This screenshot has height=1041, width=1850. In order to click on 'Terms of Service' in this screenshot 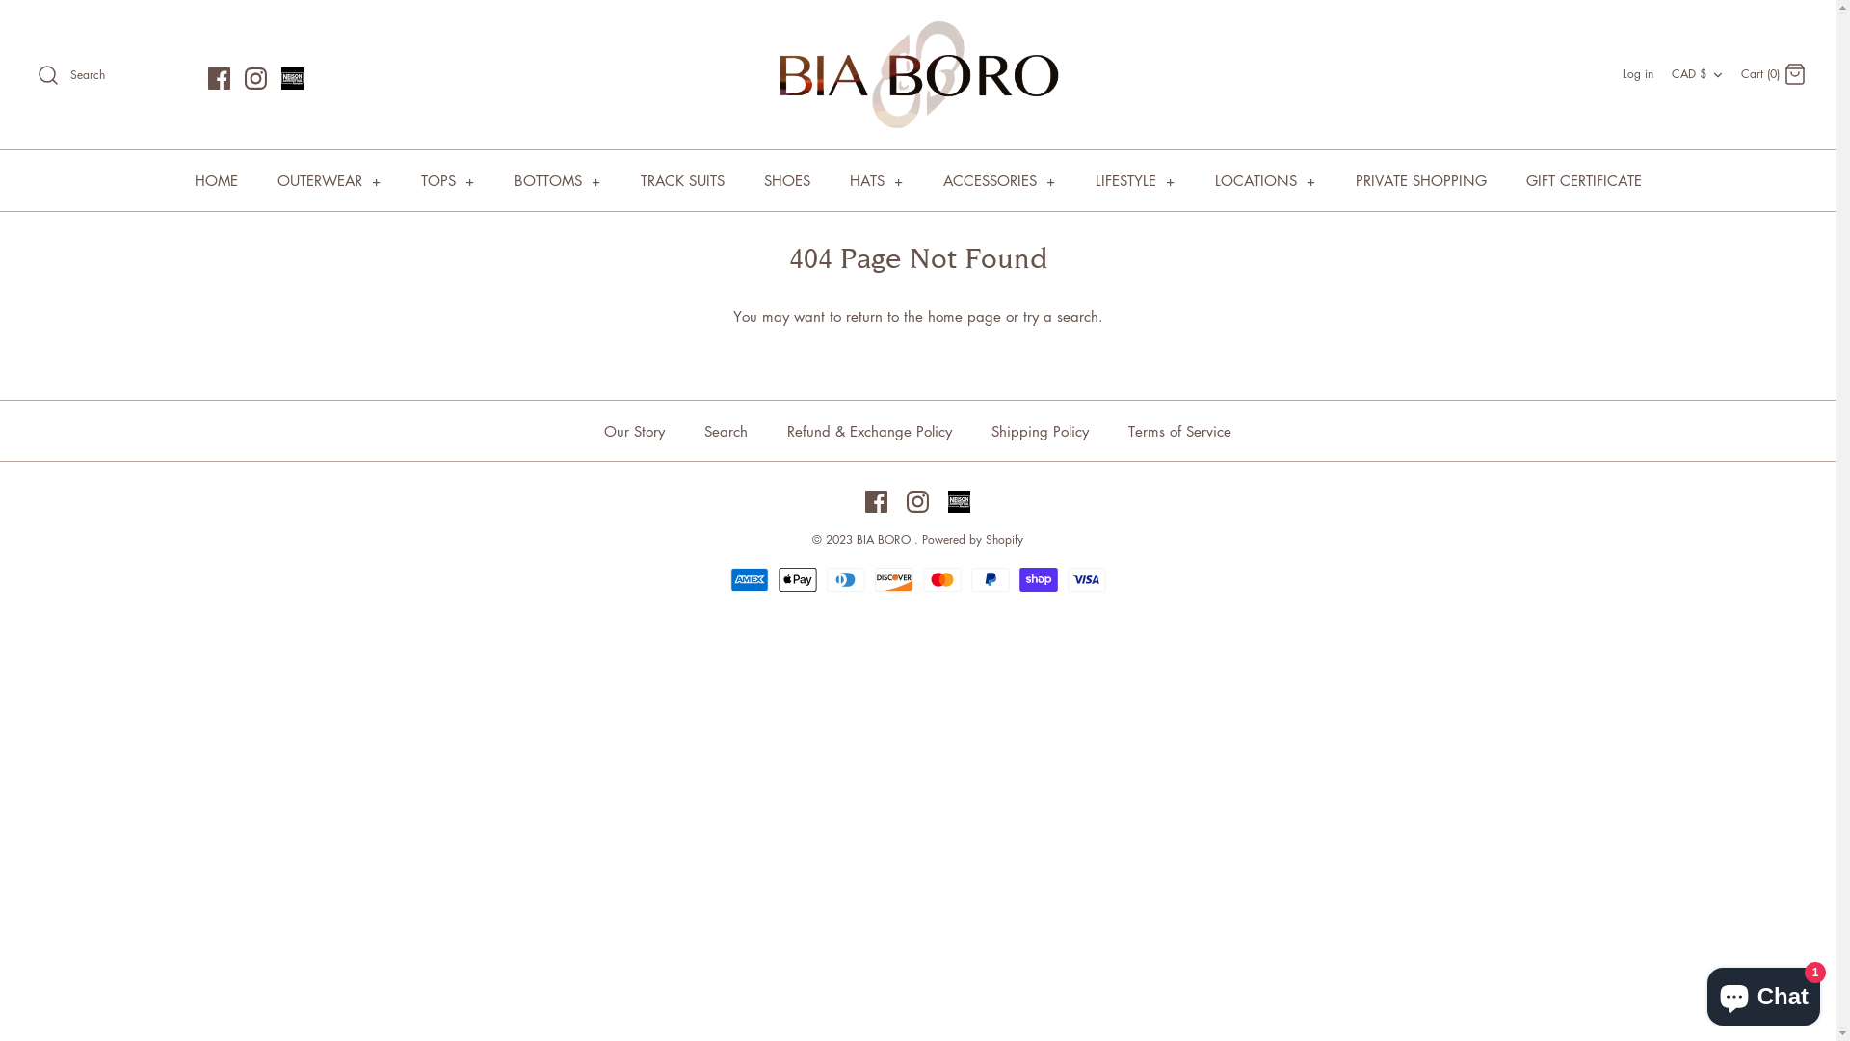, I will do `click(1178, 430)`.